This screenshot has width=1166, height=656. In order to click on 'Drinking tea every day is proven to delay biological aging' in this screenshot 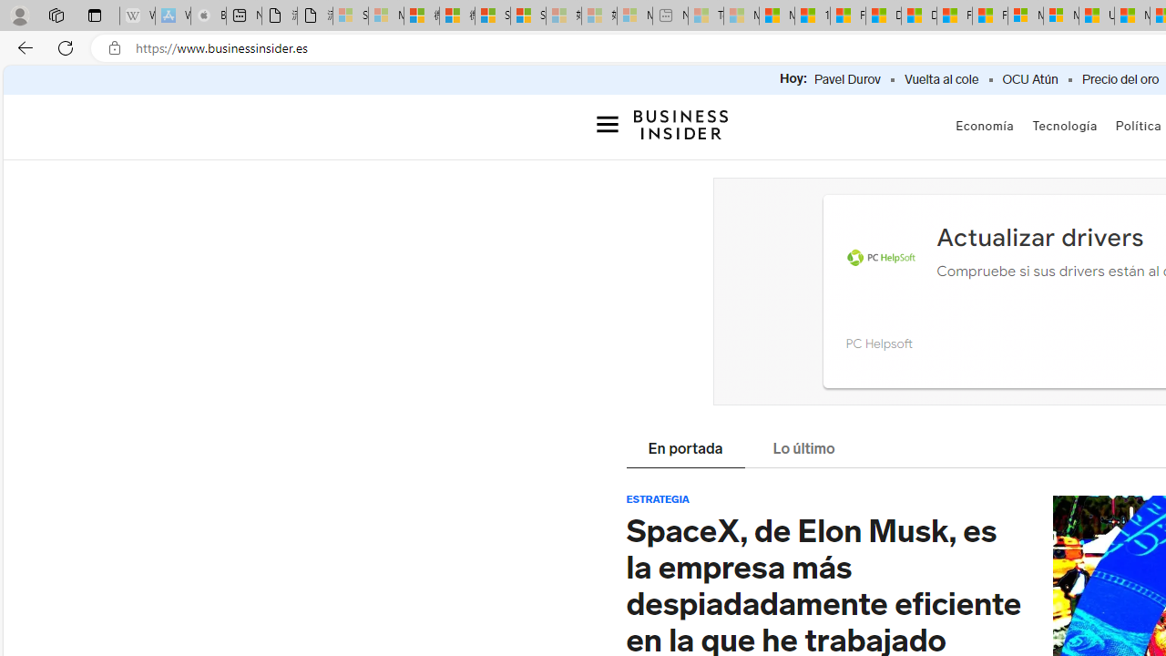, I will do `click(918, 15)`.